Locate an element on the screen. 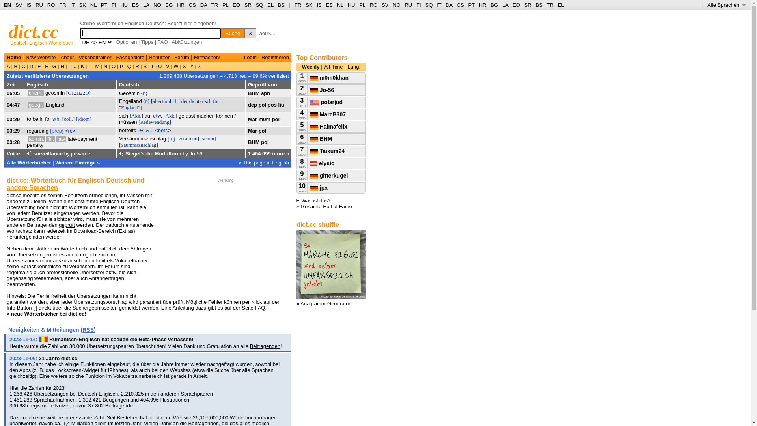 Image resolution: width=757 pixels, height=426 pixels. 'polarjud' is located at coordinates (326, 101).